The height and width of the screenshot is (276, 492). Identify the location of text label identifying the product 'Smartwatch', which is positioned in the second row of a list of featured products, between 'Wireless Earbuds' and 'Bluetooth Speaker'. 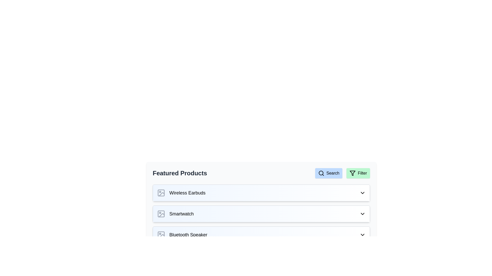
(181, 214).